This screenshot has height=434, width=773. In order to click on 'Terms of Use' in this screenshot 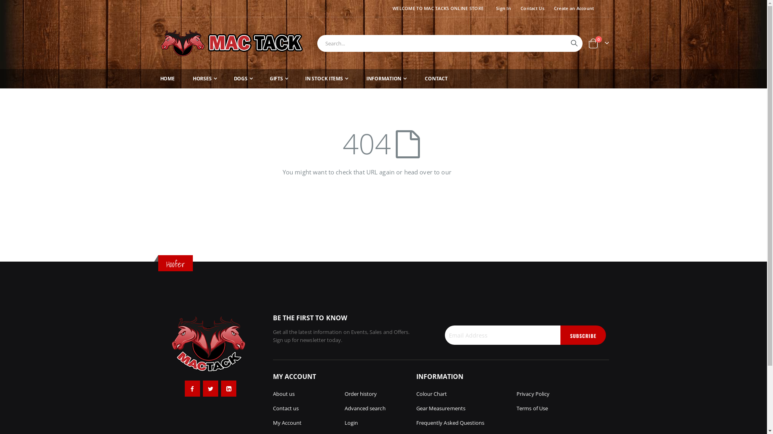, I will do `click(532, 408)`.